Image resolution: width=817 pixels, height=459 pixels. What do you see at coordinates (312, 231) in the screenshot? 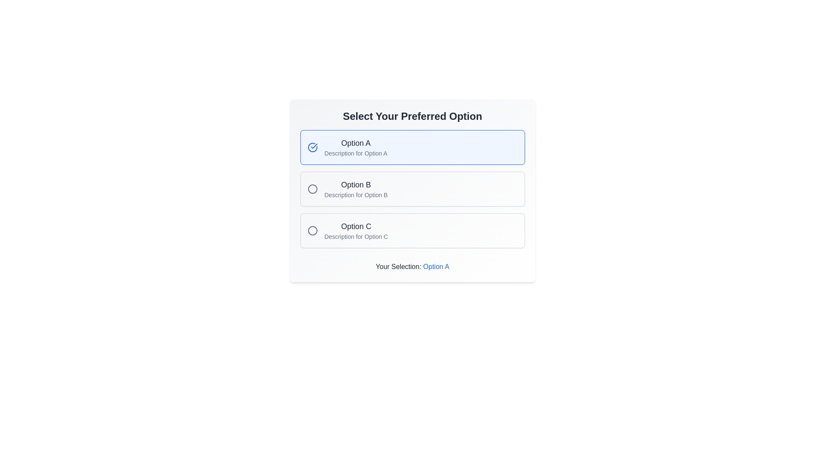
I see `the selectable radio button icon located to the left of the text 'Option C', which is styled as a hollow circle with a gray border` at bounding box center [312, 231].